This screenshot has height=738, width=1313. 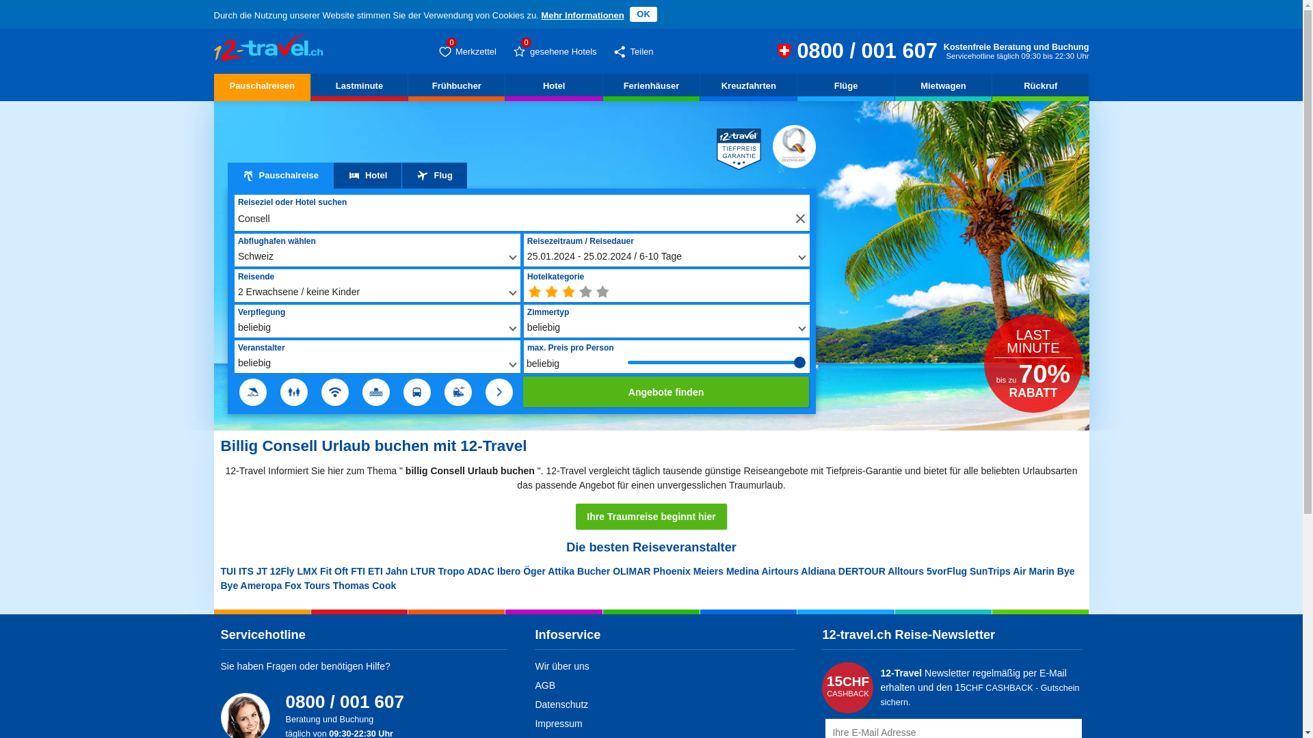 I want to click on 'min. 4 Sterne', so click(x=577, y=293).